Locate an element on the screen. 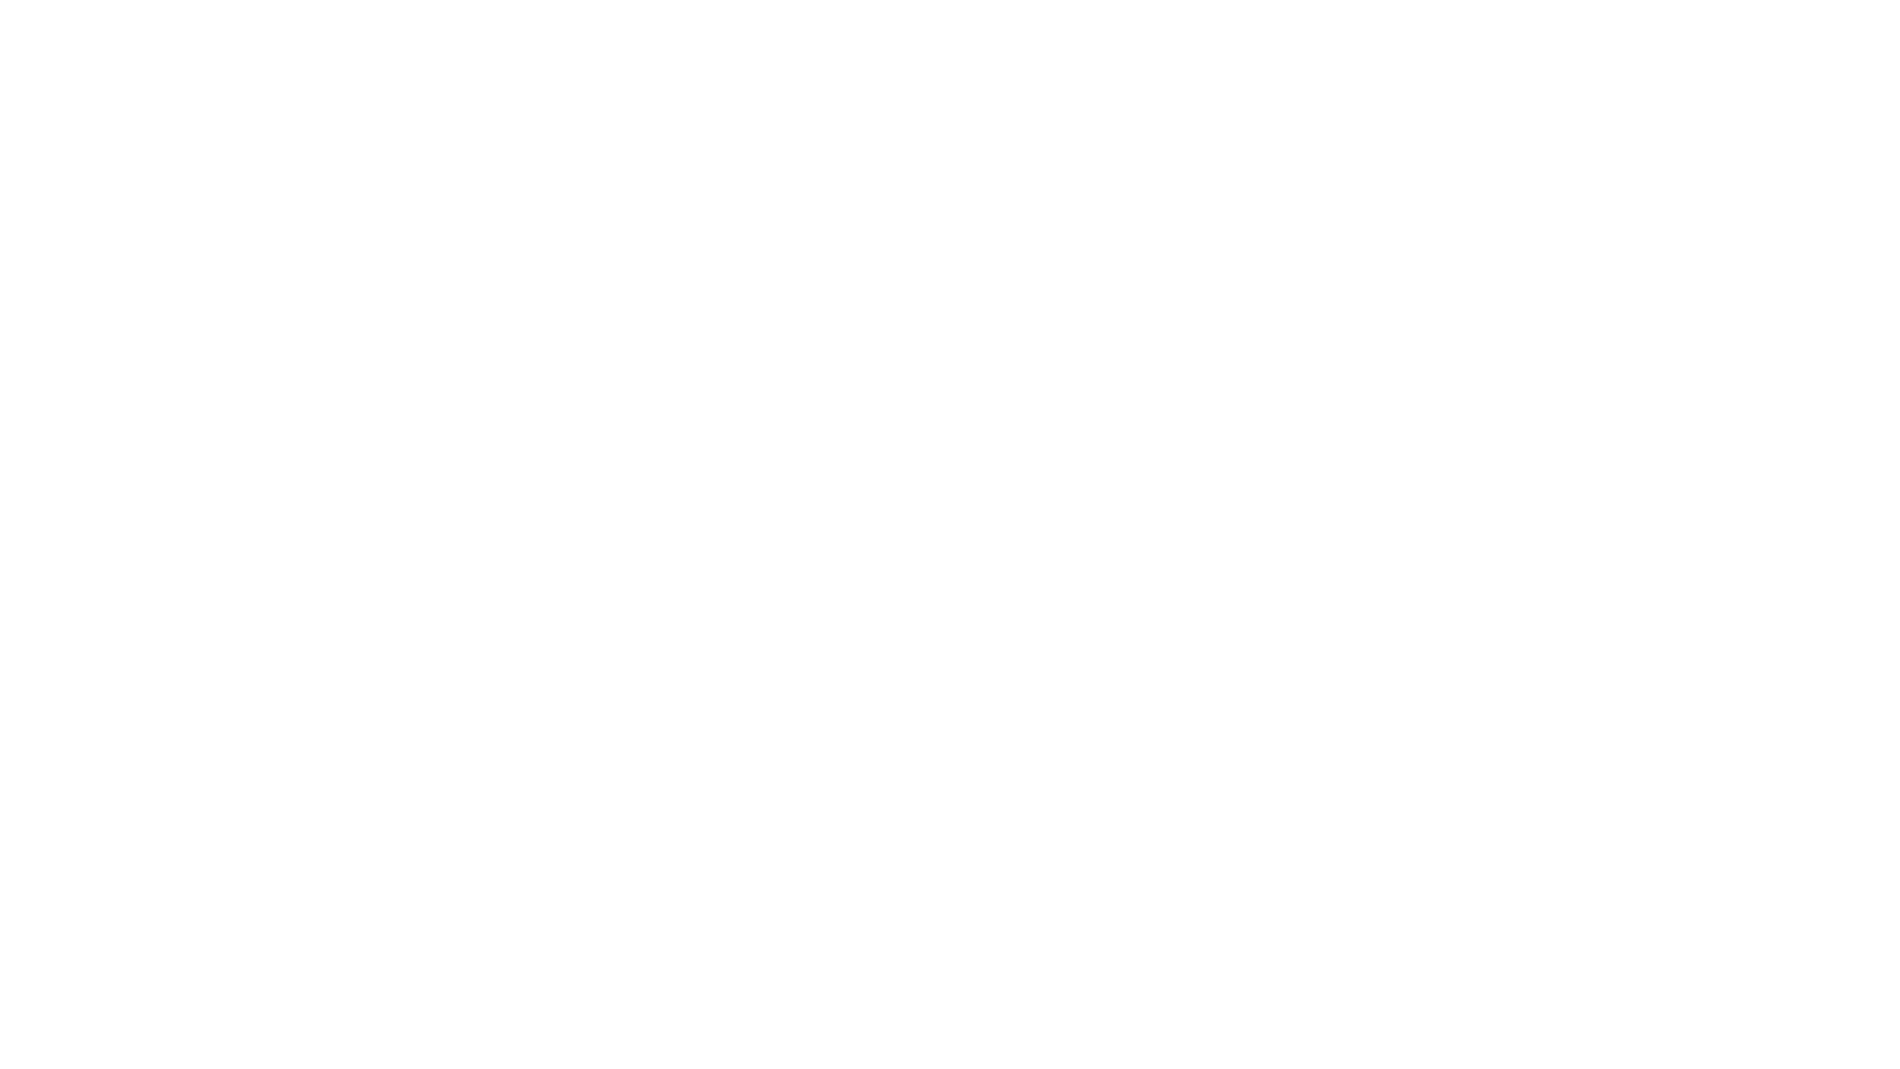  Rencontres creatives is located at coordinates (1033, 165).